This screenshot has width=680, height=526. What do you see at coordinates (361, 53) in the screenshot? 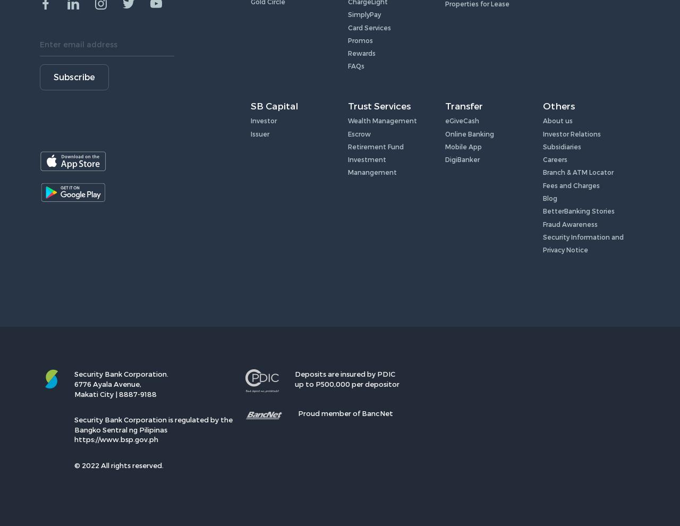
I see `'Rewards'` at bounding box center [361, 53].